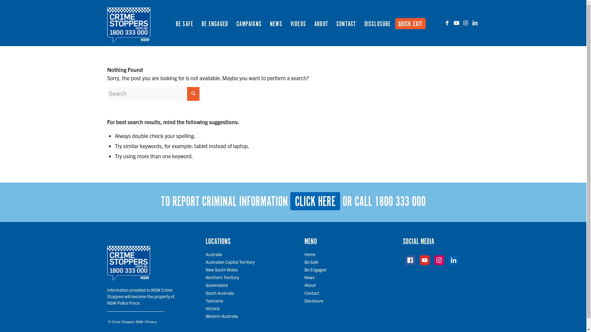  I want to click on 'Home', so click(304, 254).